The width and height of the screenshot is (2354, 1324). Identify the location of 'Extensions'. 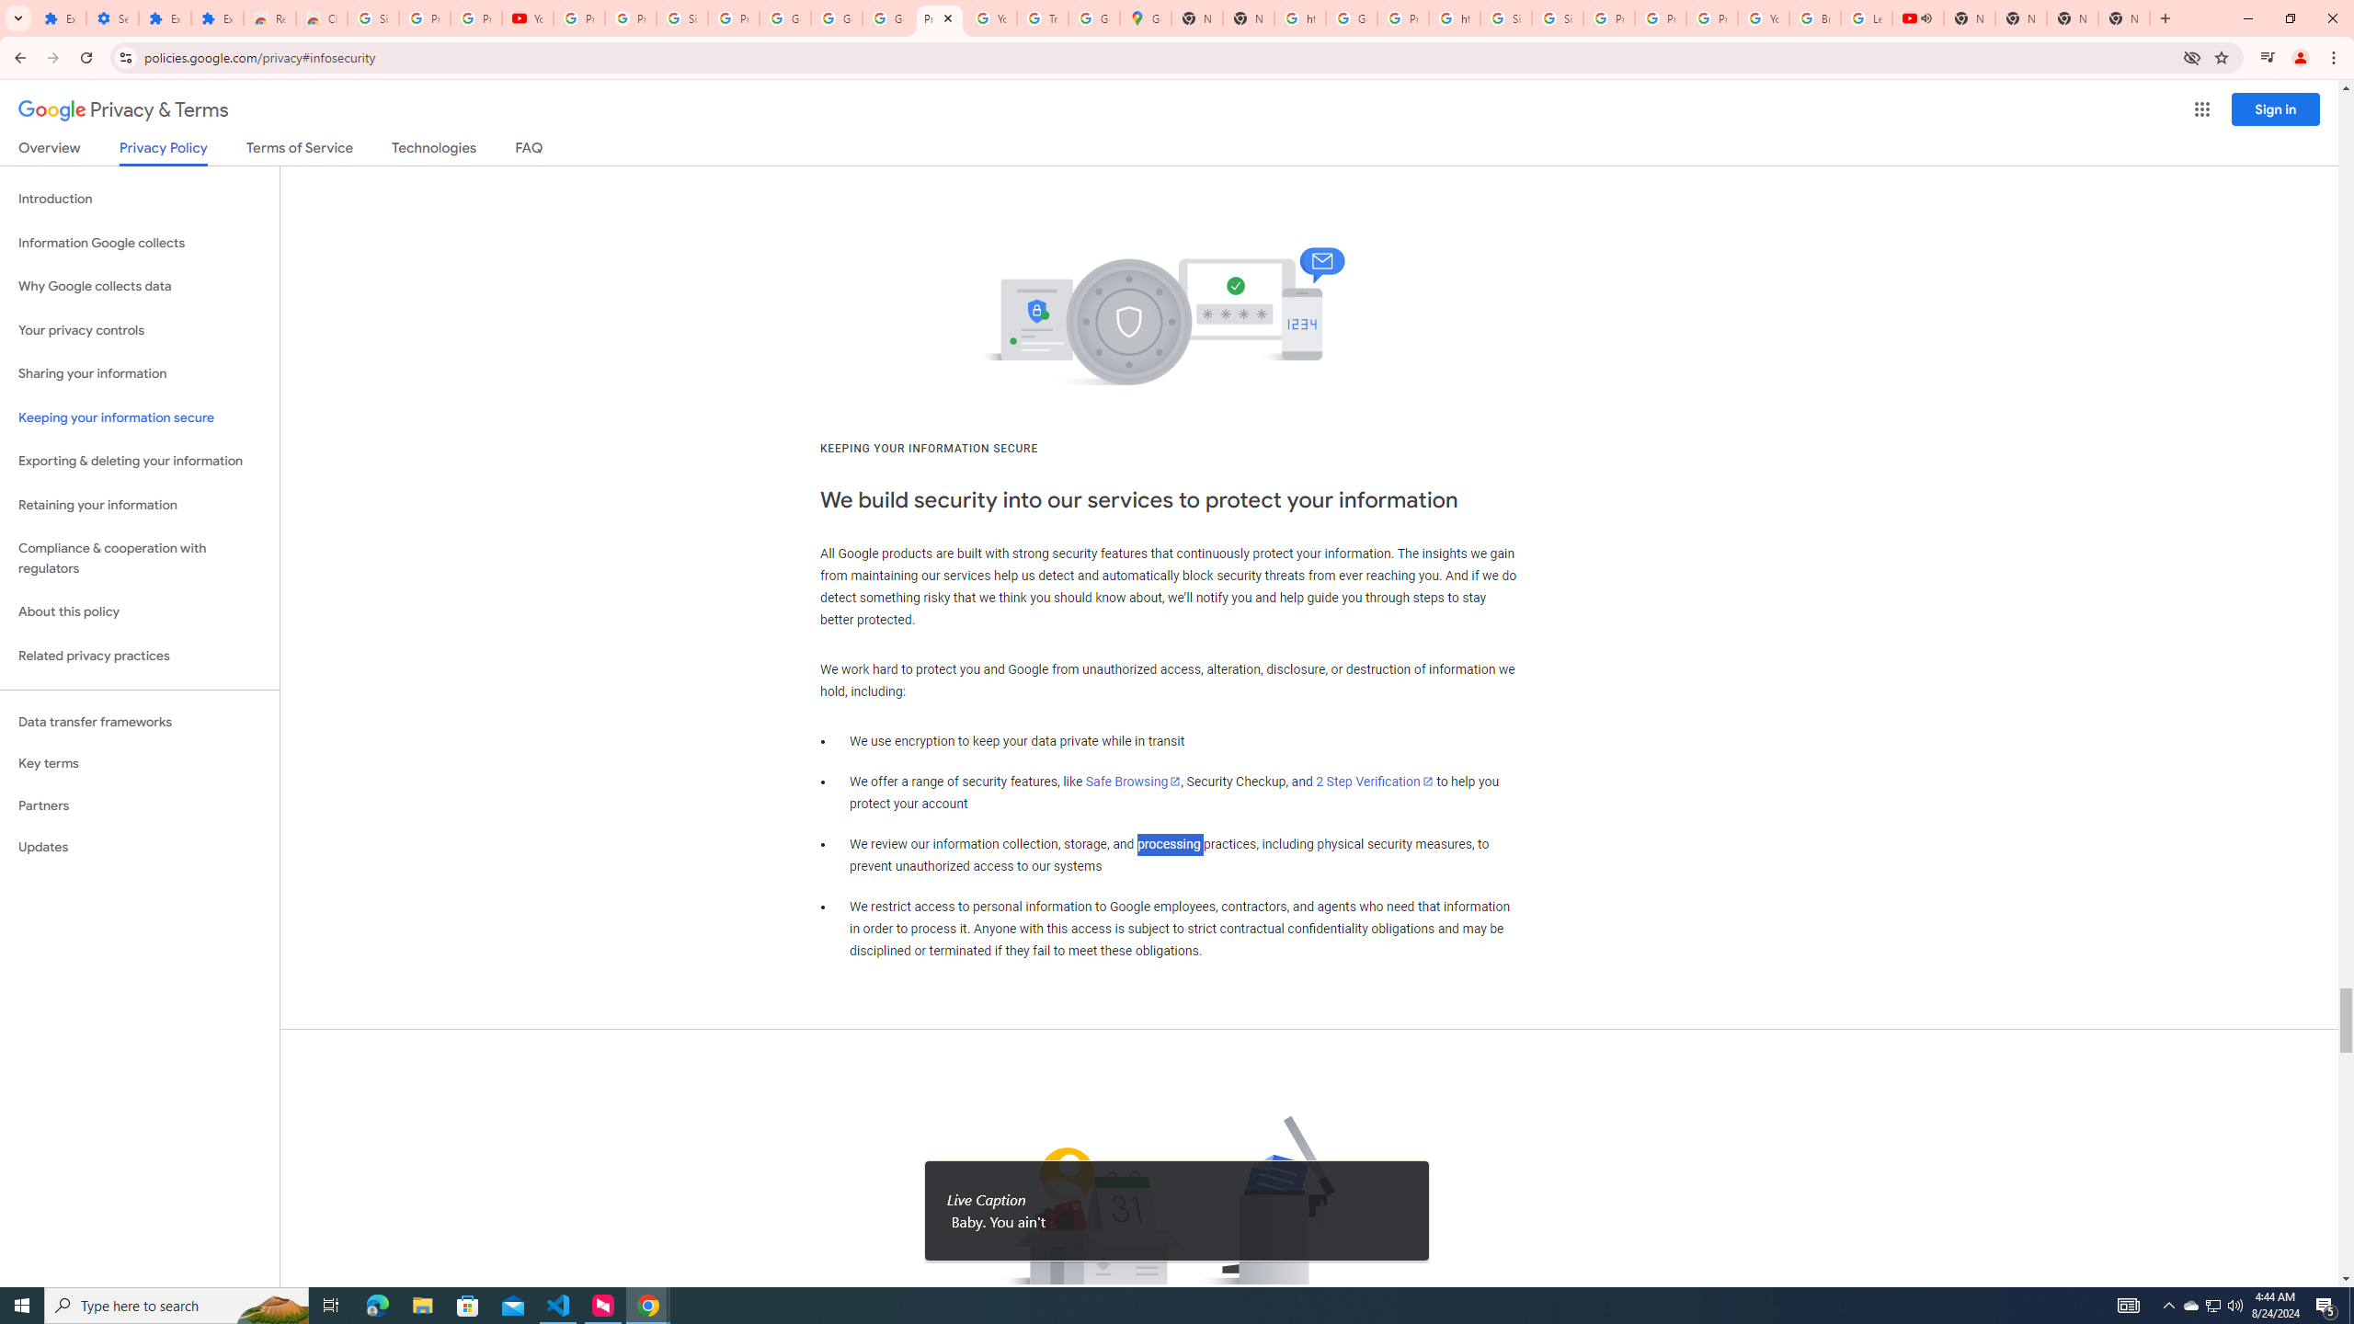
(217, 17).